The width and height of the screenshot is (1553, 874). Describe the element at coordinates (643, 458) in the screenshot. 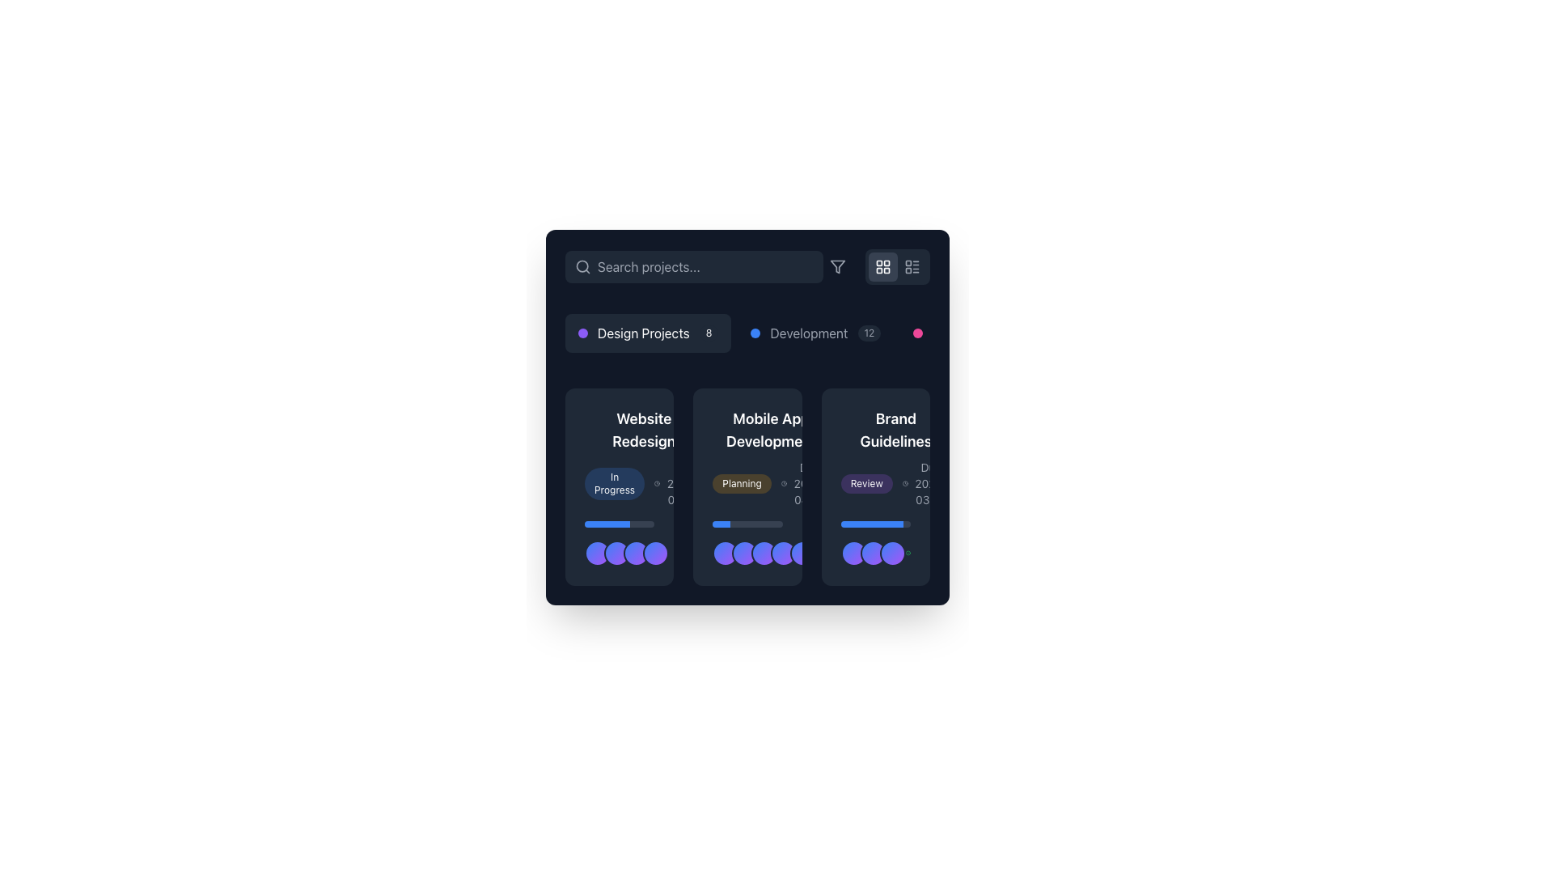

I see `the project card located in the top left section of the grid, which provides information about the project title, current status, and due date` at that location.